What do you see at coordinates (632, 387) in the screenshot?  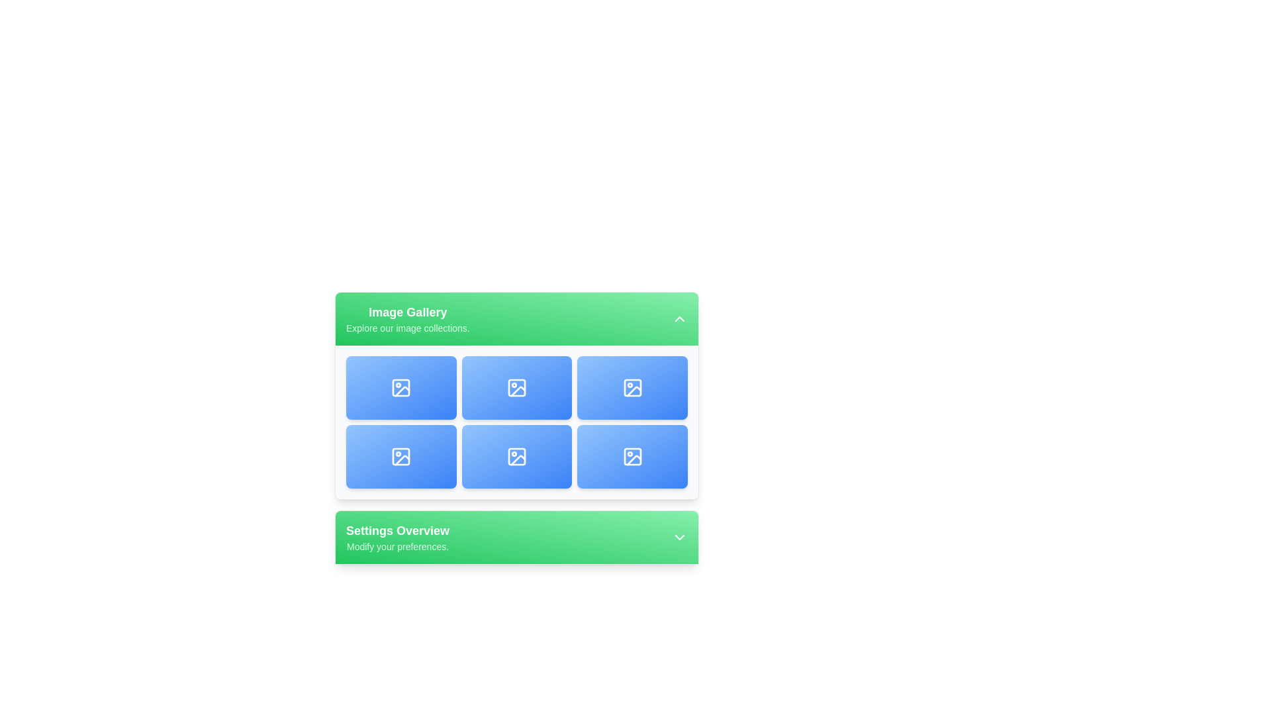 I see `the last clickable card or thumbnail in the first row of the 3x3 grid under the 'Image Gallery' section` at bounding box center [632, 387].